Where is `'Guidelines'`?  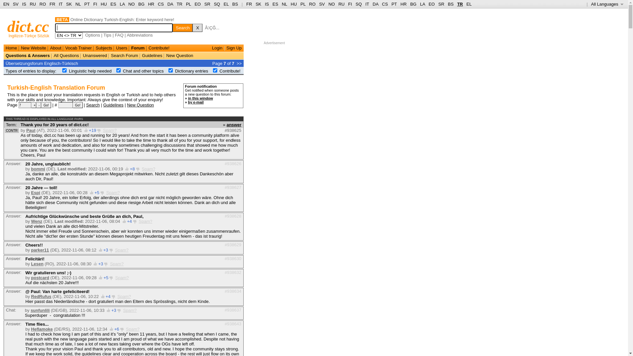
'Guidelines' is located at coordinates (113, 104).